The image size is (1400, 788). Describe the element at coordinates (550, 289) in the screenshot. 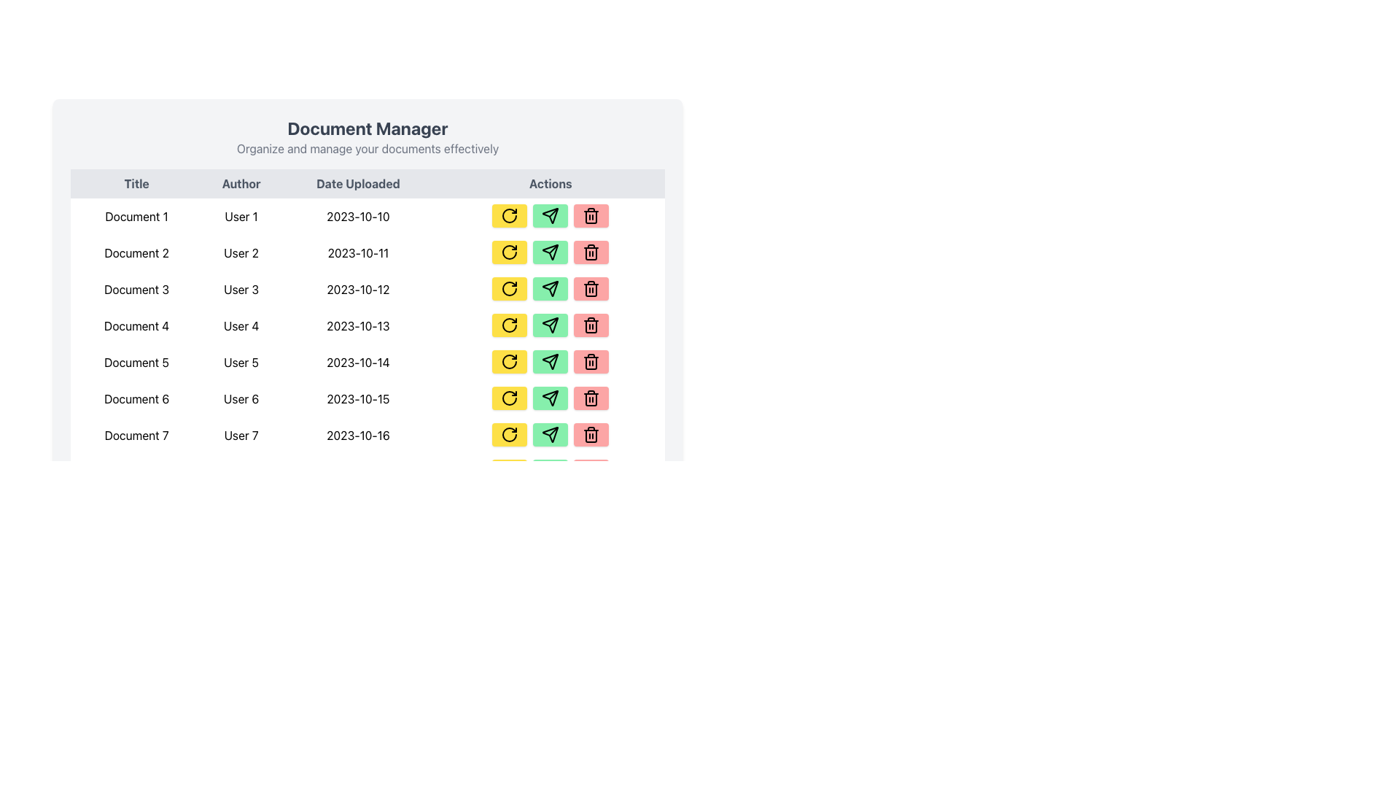

I see `the 'send' button located in the 'Actions' column of the fifth row for the document titled 'Document 5'` at that location.